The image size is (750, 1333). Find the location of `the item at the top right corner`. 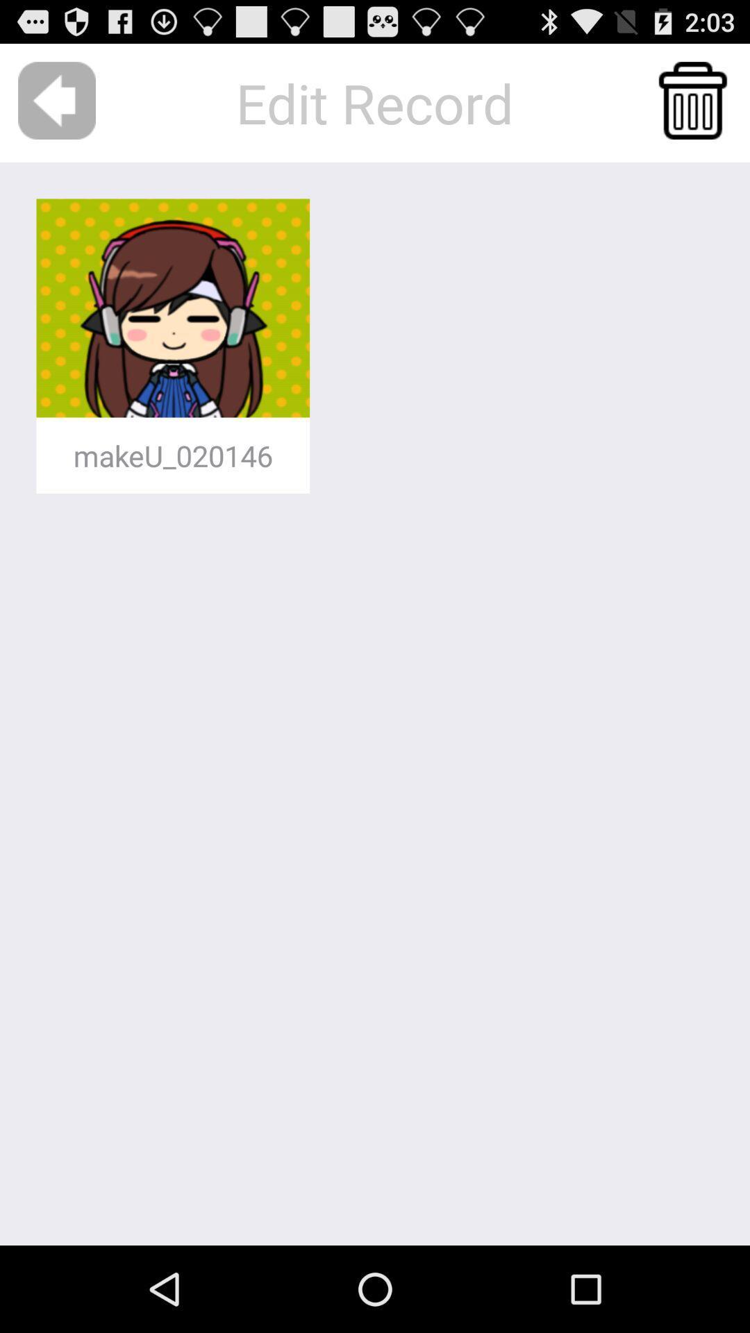

the item at the top right corner is located at coordinates (692, 100).